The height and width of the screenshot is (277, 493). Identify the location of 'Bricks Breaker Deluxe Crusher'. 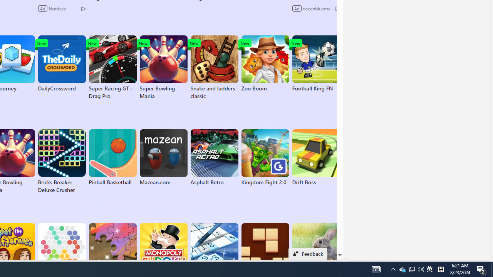
(62, 161).